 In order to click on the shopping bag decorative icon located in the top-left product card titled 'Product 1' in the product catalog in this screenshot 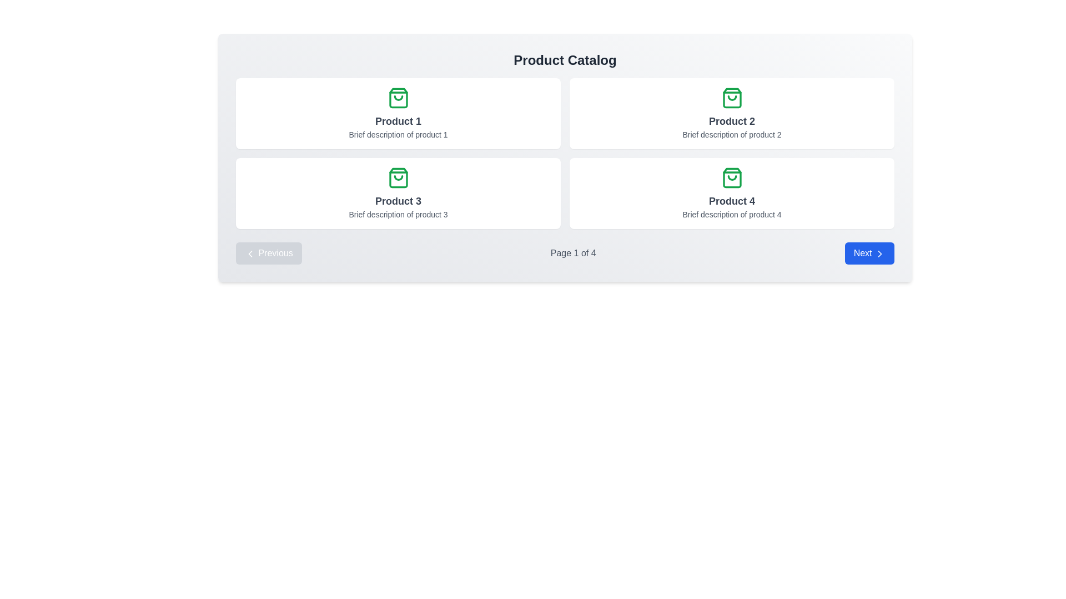, I will do `click(398, 98)`.